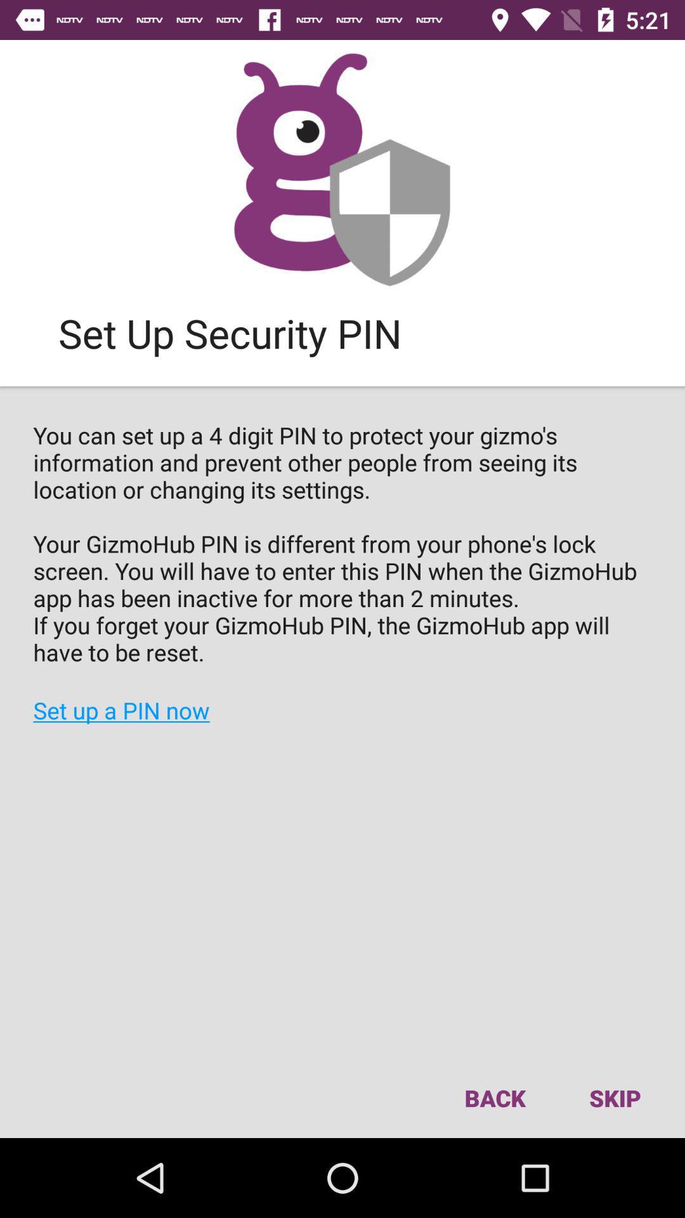 Image resolution: width=685 pixels, height=1218 pixels. Describe the element at coordinates (494, 1097) in the screenshot. I see `back icon` at that location.